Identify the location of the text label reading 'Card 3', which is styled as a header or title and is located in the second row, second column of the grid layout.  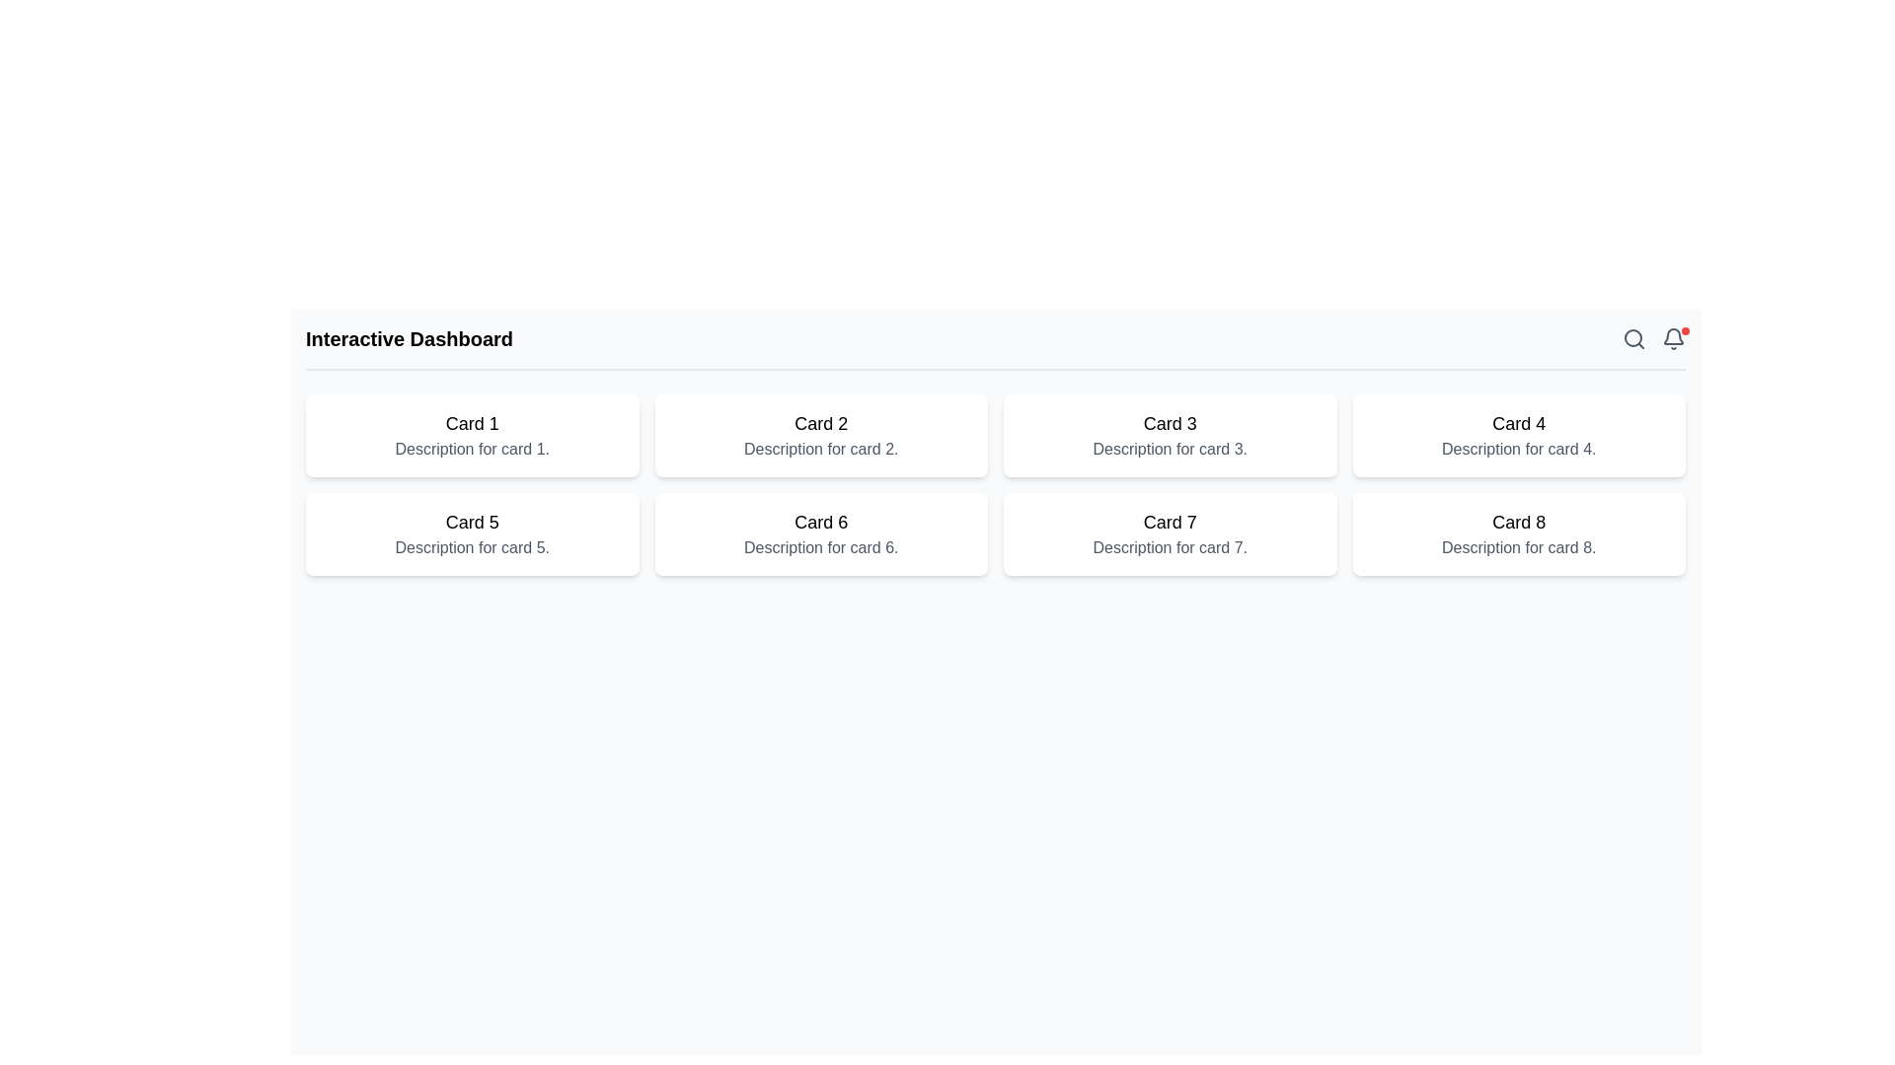
(1170, 422).